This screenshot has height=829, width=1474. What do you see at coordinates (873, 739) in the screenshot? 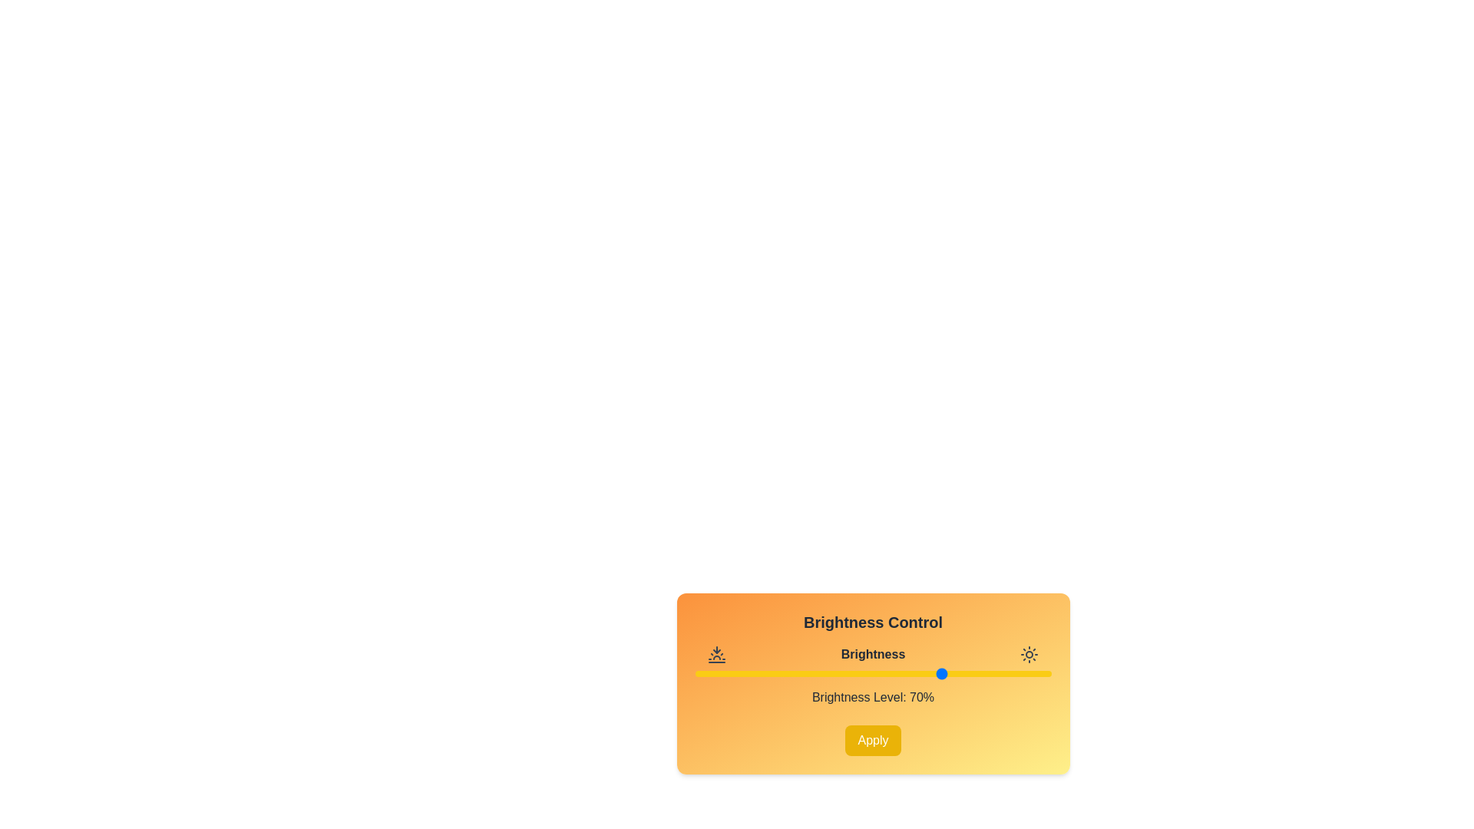
I see `the 'Apply' button to confirm the brightness level` at bounding box center [873, 739].